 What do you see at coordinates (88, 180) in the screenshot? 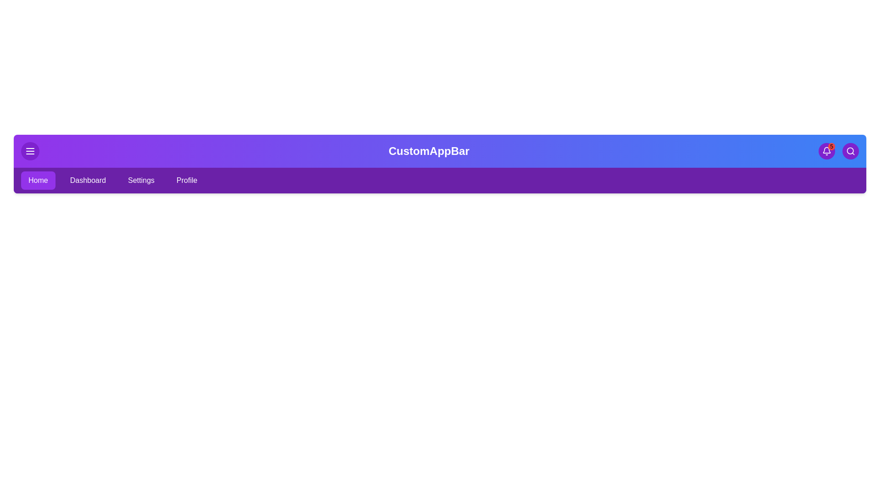
I see `the Dashboard tab from the navigation bar` at bounding box center [88, 180].